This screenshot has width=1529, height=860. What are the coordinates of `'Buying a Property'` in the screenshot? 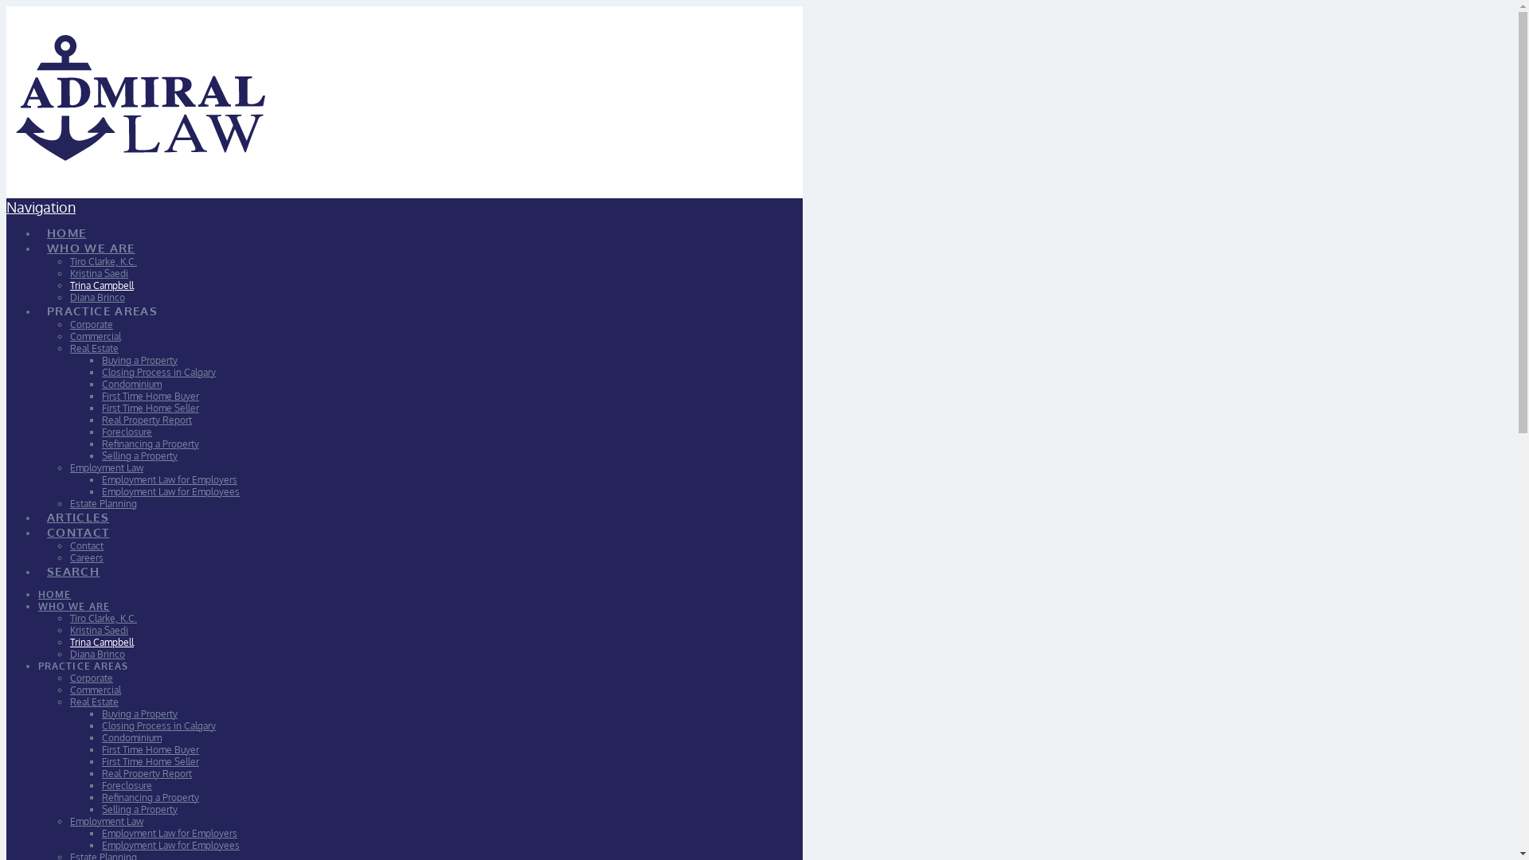 It's located at (139, 360).